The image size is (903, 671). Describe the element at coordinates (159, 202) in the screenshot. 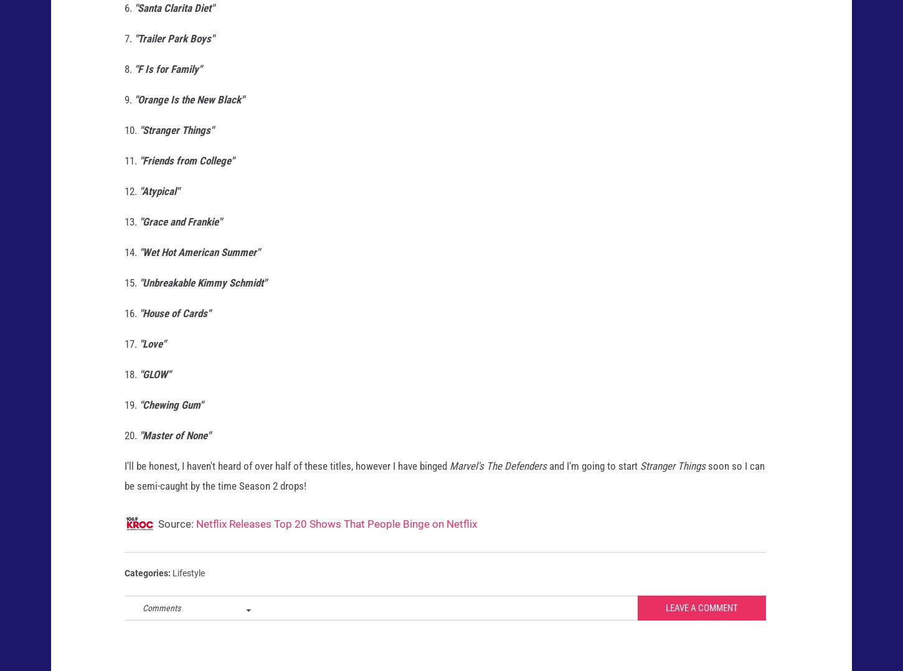

I see `'"Atypical"'` at that location.